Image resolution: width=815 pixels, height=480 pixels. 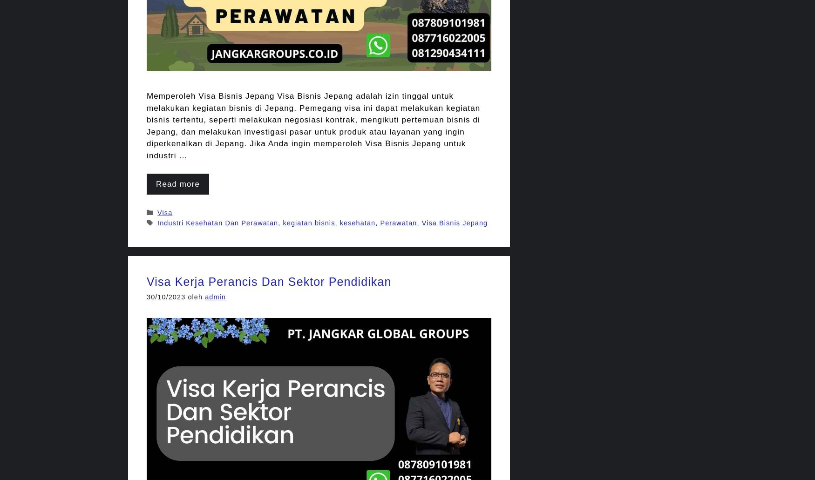 I want to click on 'Industri Kesehatan Dan Perawatan', so click(x=157, y=222).